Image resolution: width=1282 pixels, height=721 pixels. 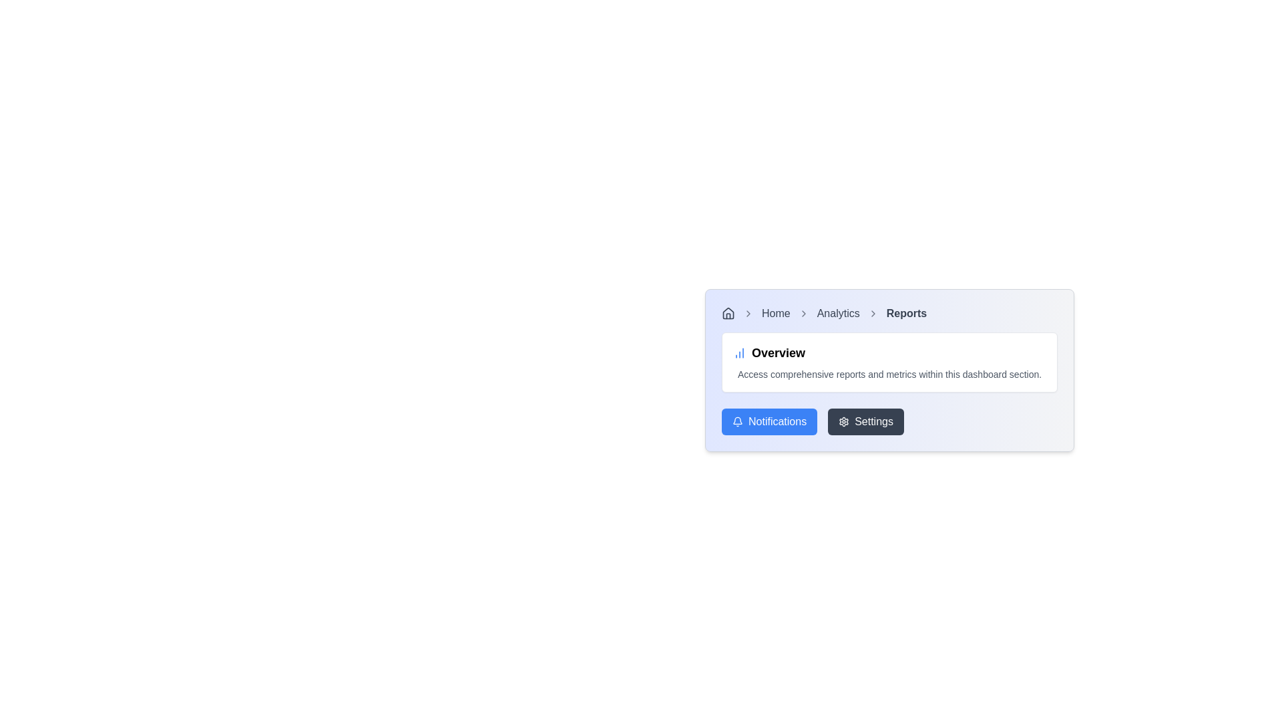 I want to click on the small bell icon within the 'Notifications' button, which is styled with a rounded, minimalistic outline design and is located at the bottom of a card, so click(x=736, y=422).